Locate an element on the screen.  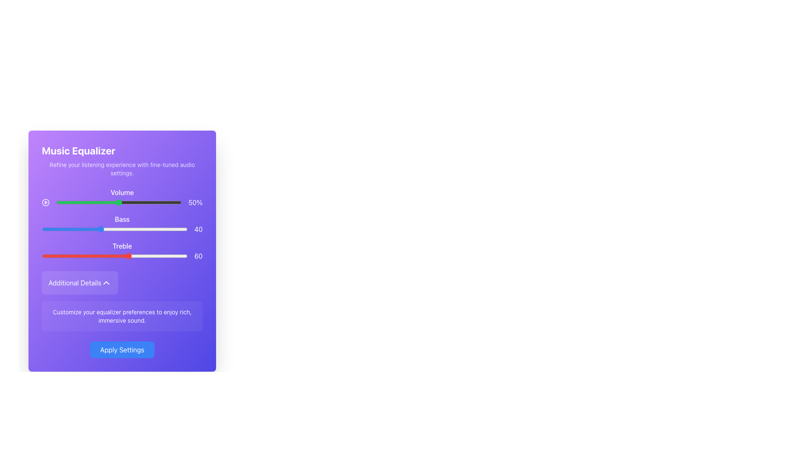
the 'Additional Details' button within the card interface is located at coordinates (80, 282).